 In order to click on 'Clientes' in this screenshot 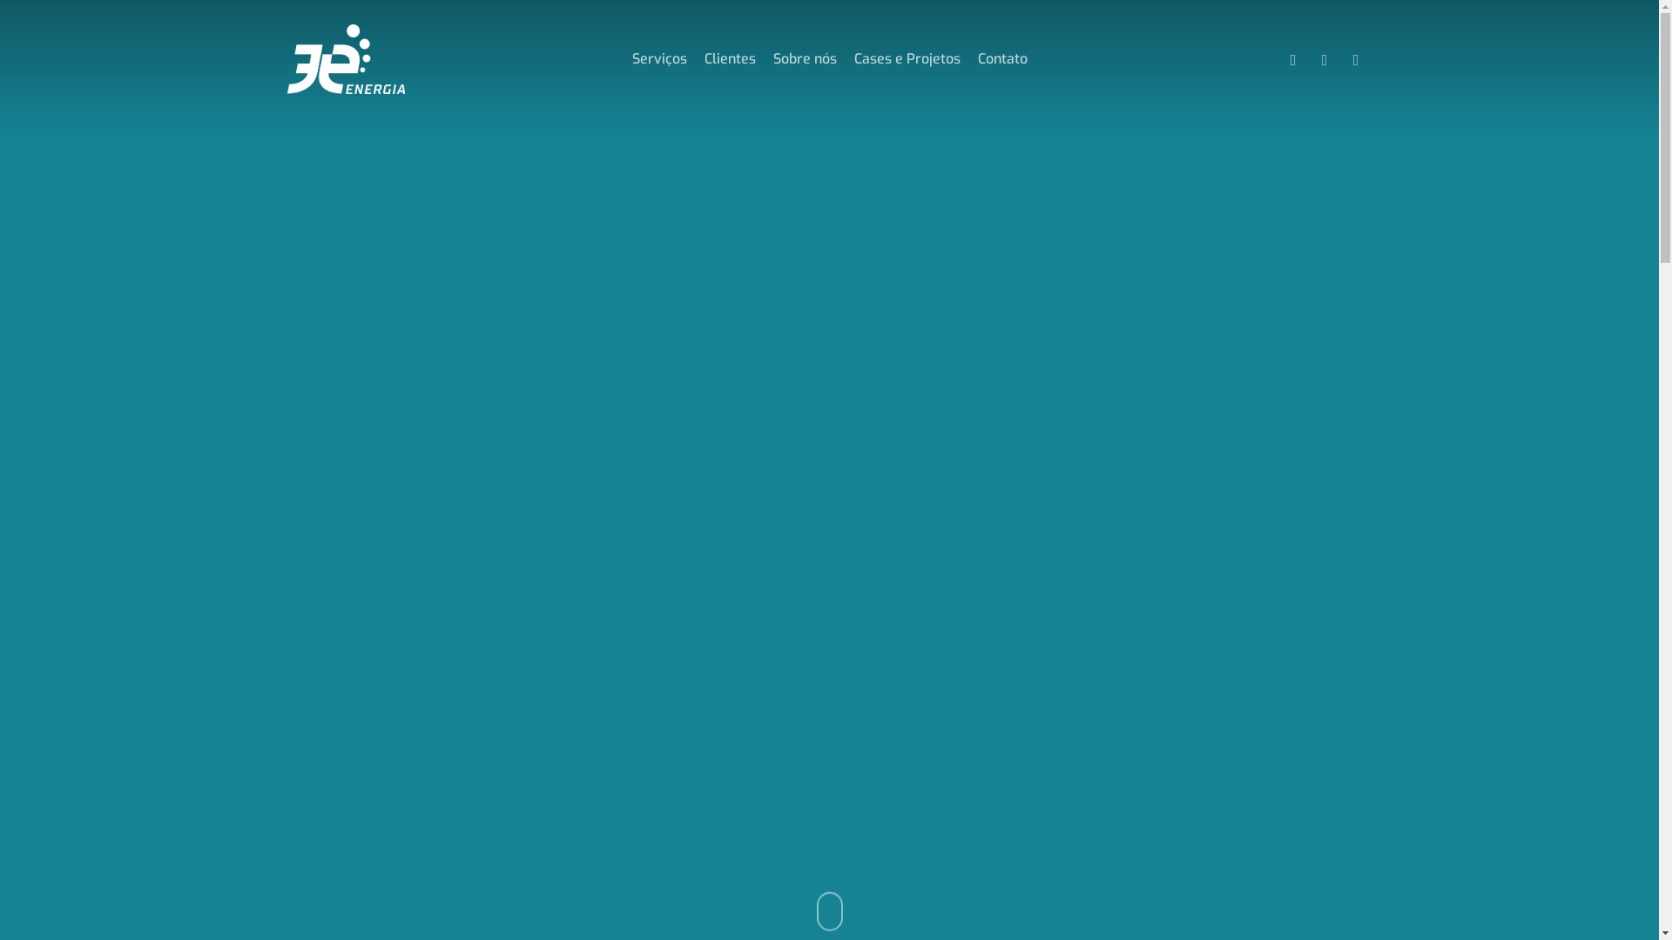, I will do `click(729, 58)`.